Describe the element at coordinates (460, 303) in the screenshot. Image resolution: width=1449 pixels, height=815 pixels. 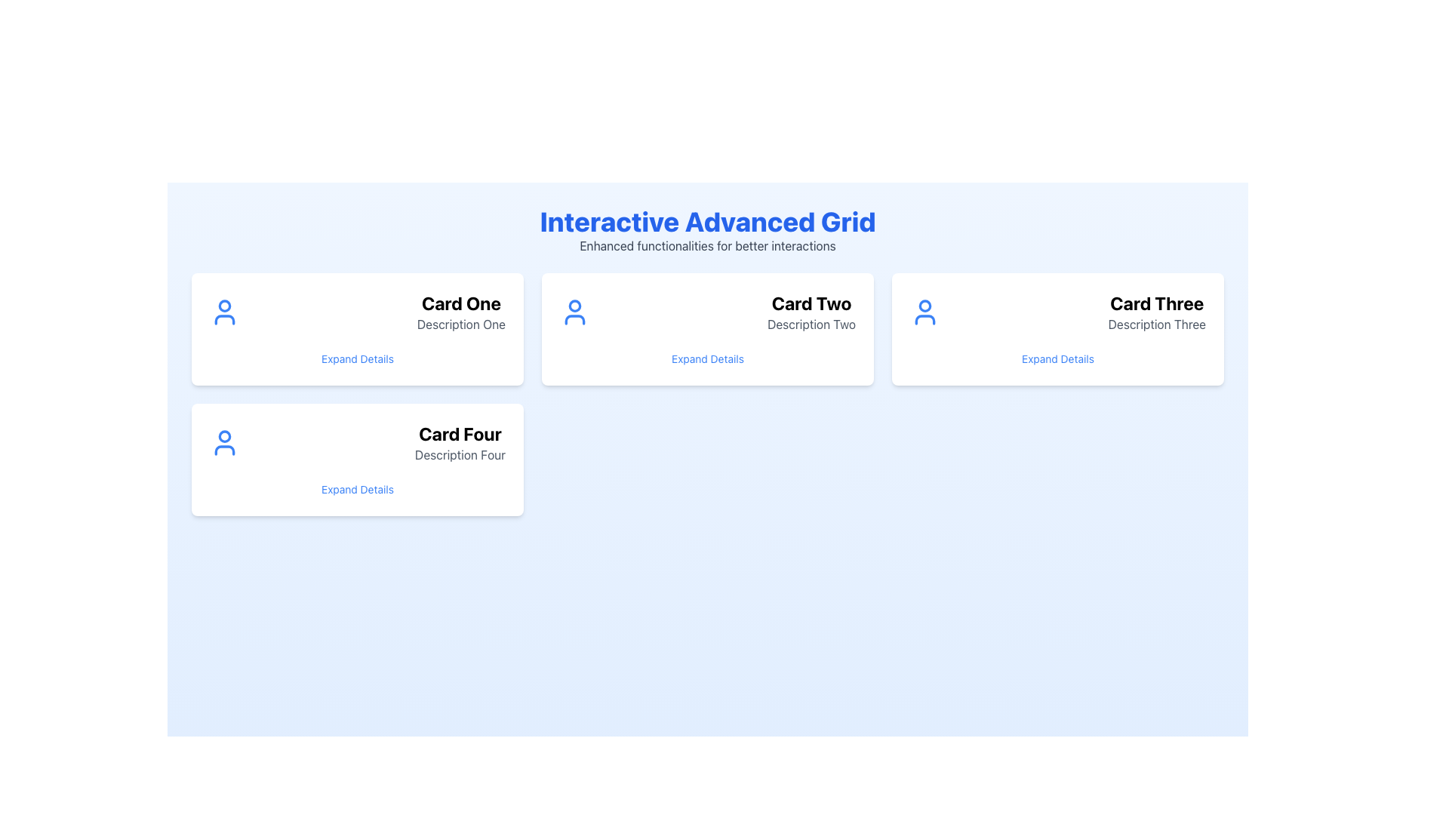
I see `the Text Label that serves as the title for the card, positioned above 'Description One' in the upper left quadrant of the grid layout` at that location.